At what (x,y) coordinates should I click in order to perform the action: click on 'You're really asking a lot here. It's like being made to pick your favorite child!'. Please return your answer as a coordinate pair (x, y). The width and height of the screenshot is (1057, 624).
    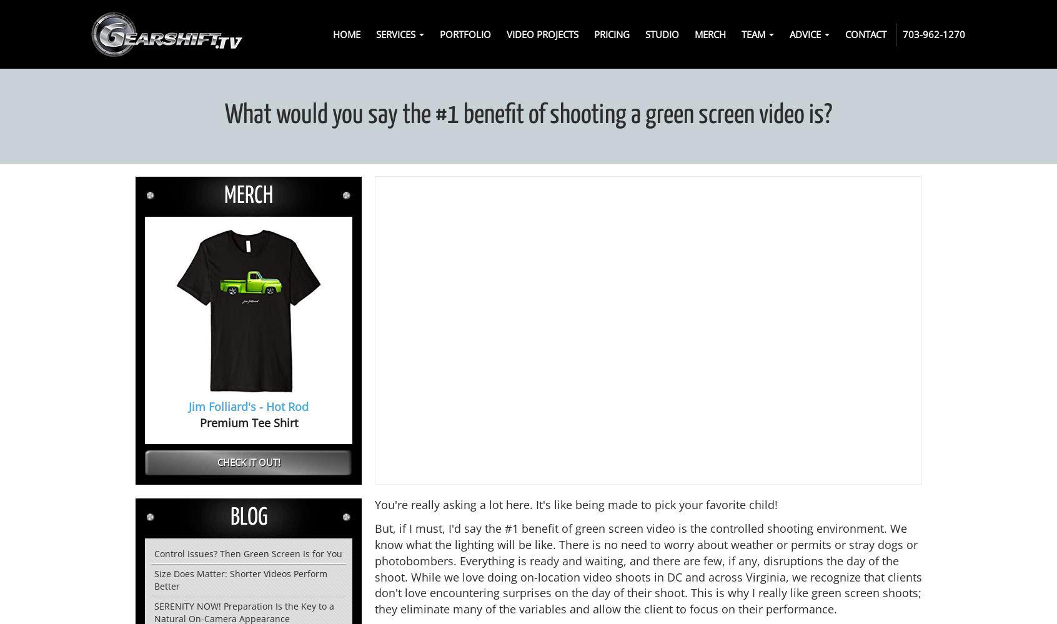
    Looking at the image, I should click on (576, 504).